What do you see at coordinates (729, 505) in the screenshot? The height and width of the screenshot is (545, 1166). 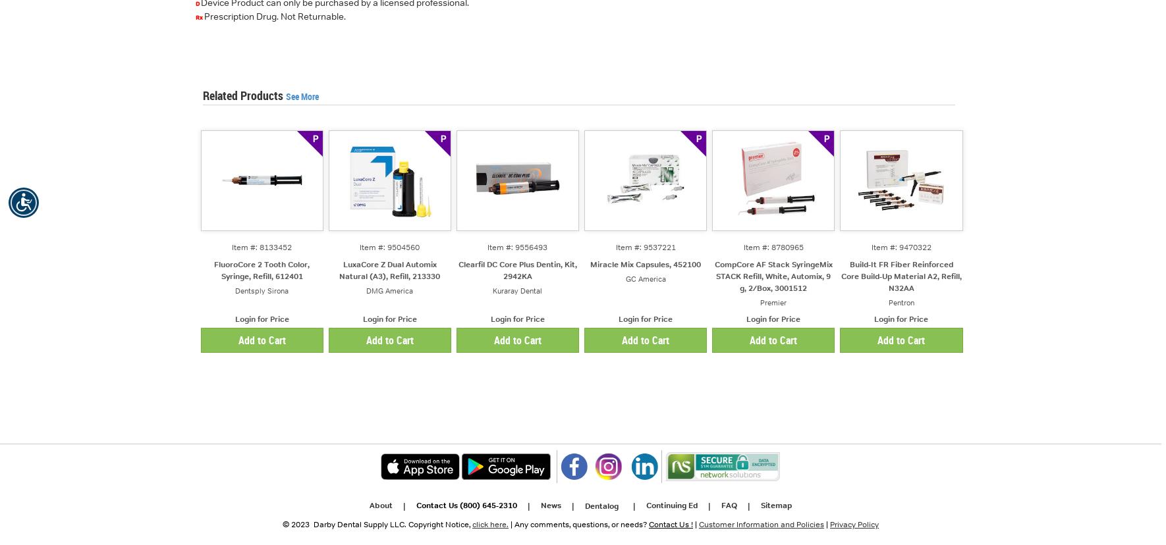 I see `'FAQ'` at bounding box center [729, 505].